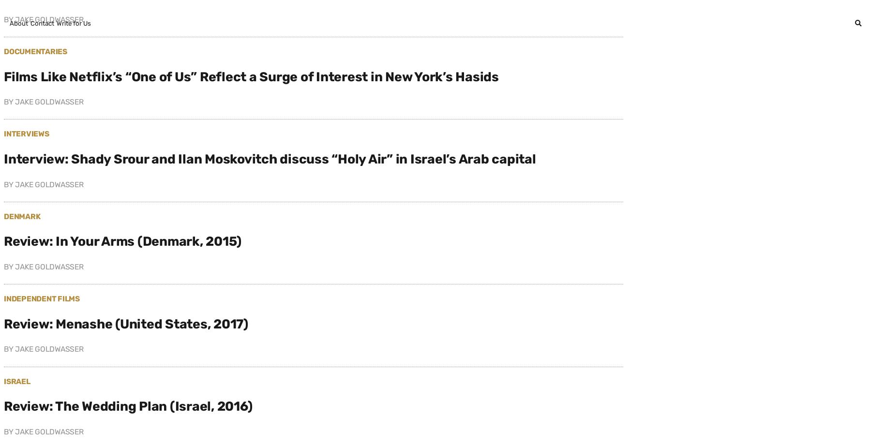  What do you see at coordinates (269, 158) in the screenshot?
I see `'Interview: Shady Srour and Ilan Moskovitch discuss “Holy Air” in Israel’s Arab capital'` at bounding box center [269, 158].